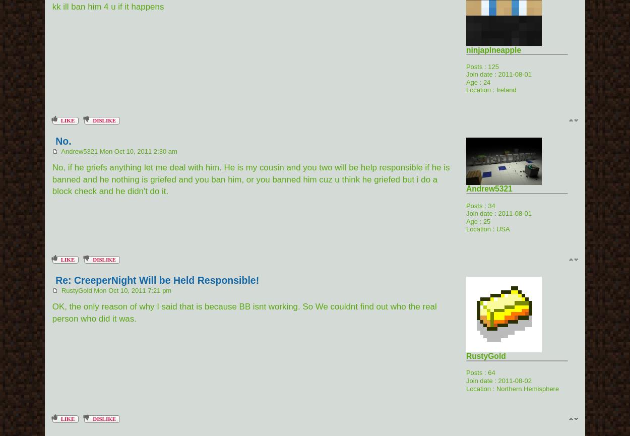 This screenshot has height=436, width=630. I want to click on 'Re: CreeperNight Will be Held Responsible!', so click(157, 280).